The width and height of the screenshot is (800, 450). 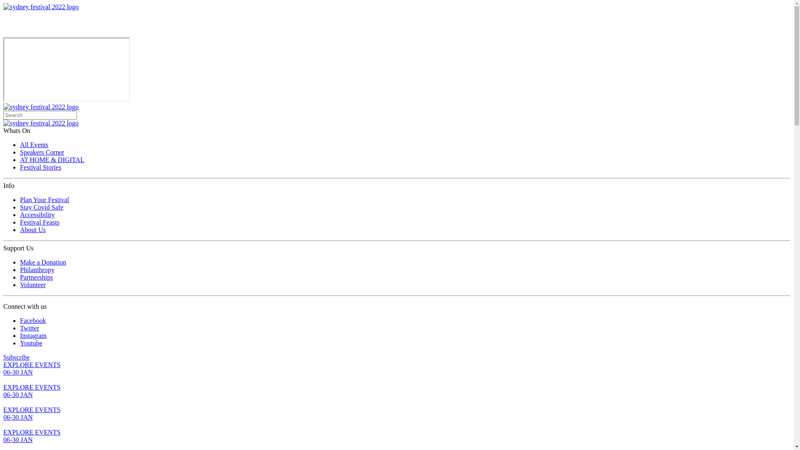 What do you see at coordinates (31, 343) in the screenshot?
I see `'Youtube'` at bounding box center [31, 343].